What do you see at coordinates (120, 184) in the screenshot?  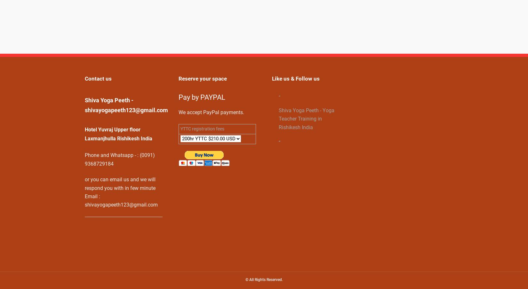 I see `'or you can email us and we will respond you with in few minute'` at bounding box center [120, 184].